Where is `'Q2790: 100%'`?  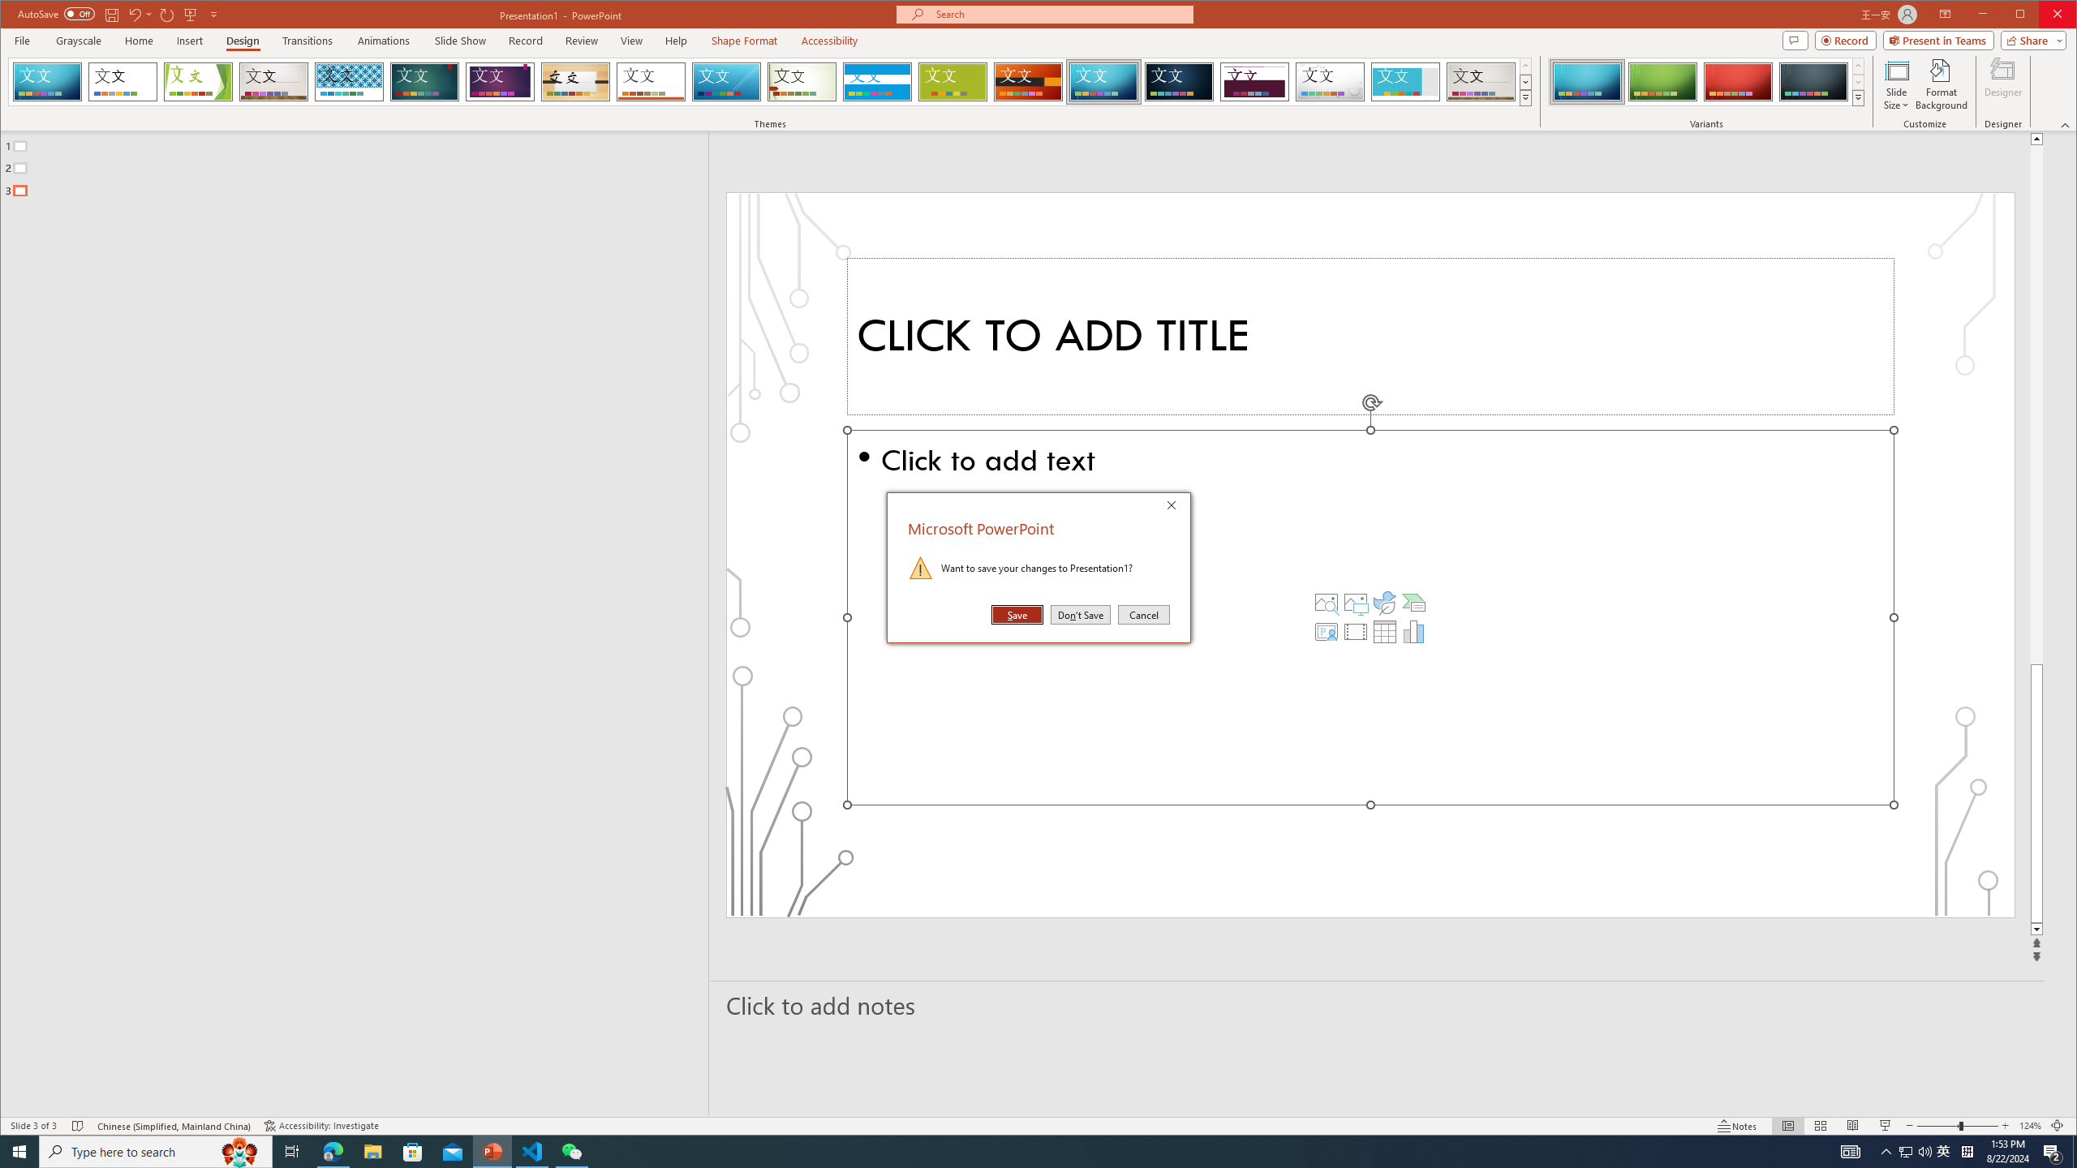
'Q2790: 100%' is located at coordinates (1924, 1150).